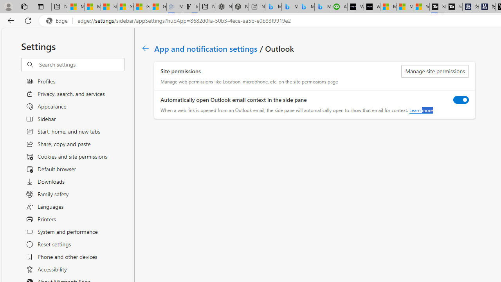  I want to click on 'Manage site permissions', so click(434, 71).